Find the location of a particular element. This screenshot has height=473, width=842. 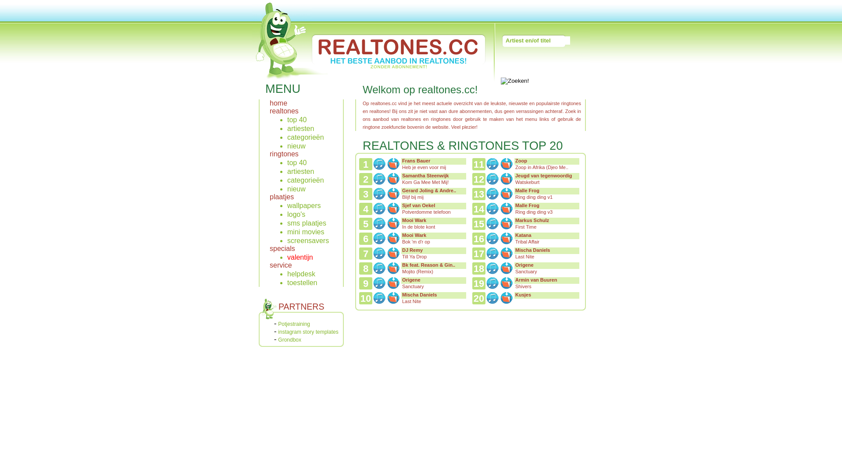

'DJ Remy' is located at coordinates (412, 250).